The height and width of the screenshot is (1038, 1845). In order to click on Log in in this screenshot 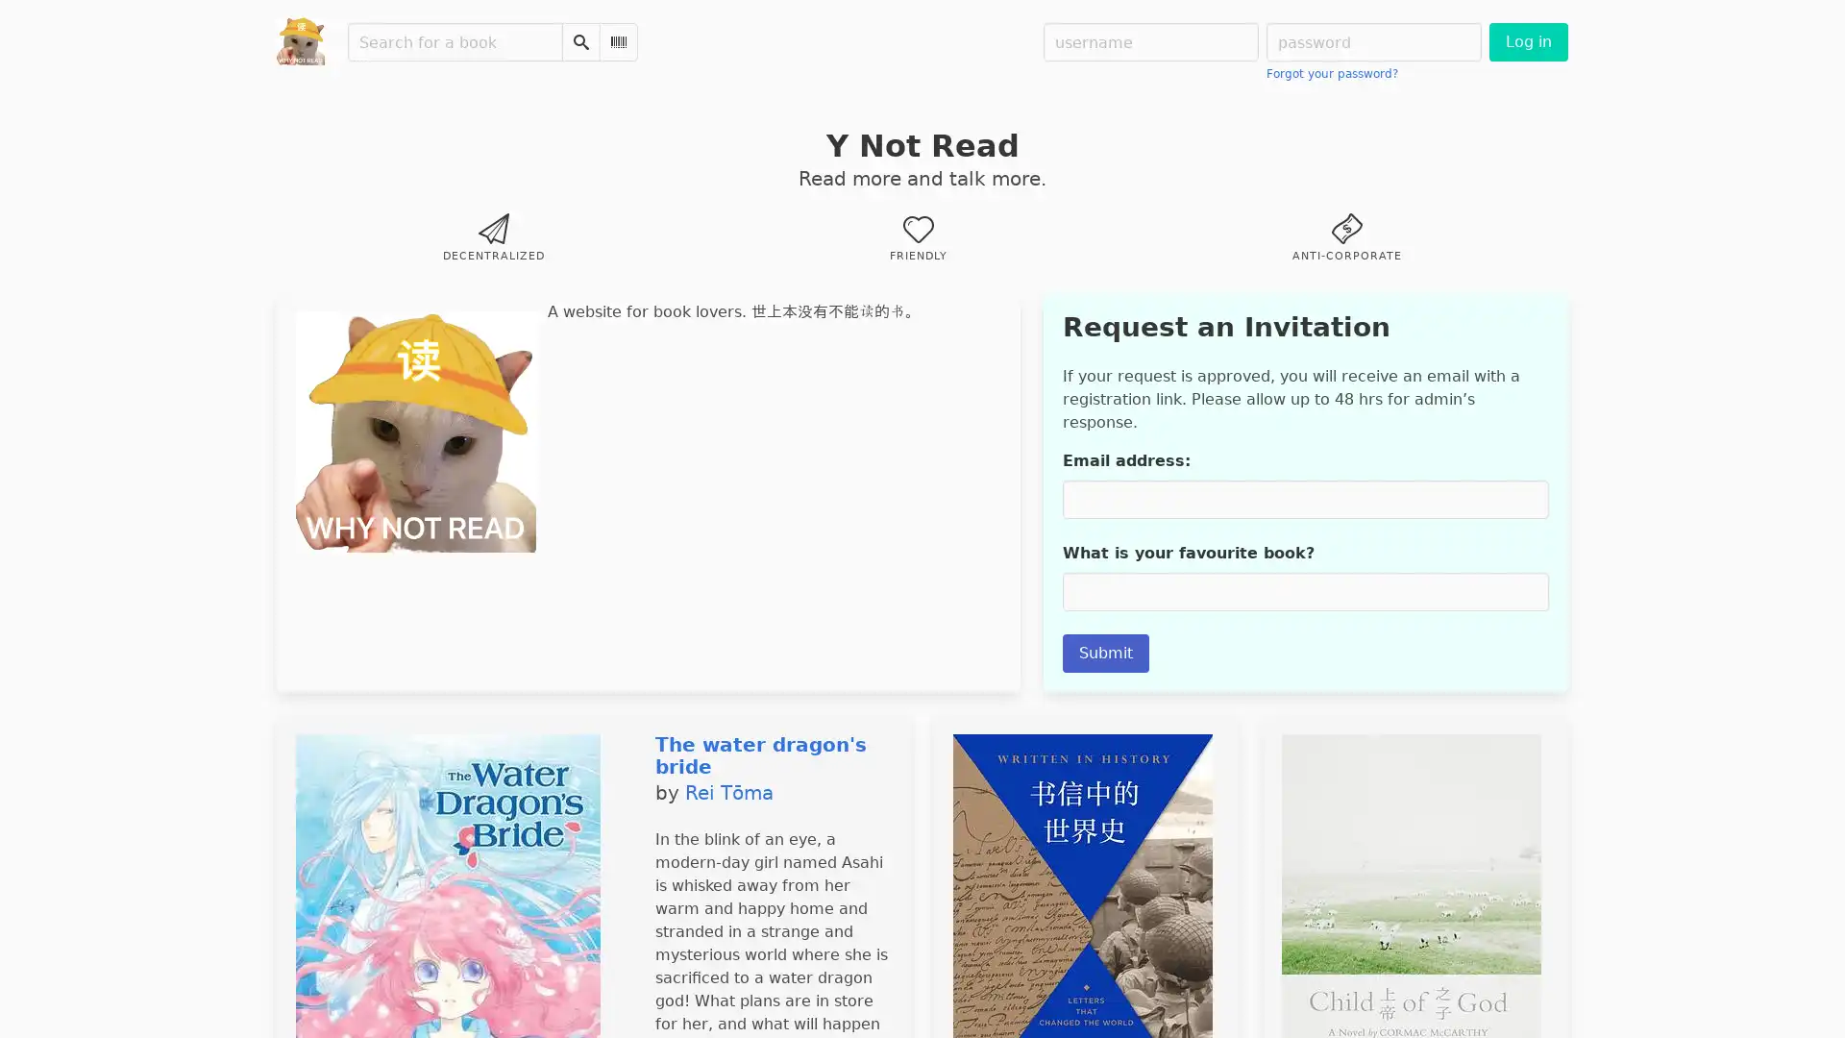, I will do `click(1527, 41)`.